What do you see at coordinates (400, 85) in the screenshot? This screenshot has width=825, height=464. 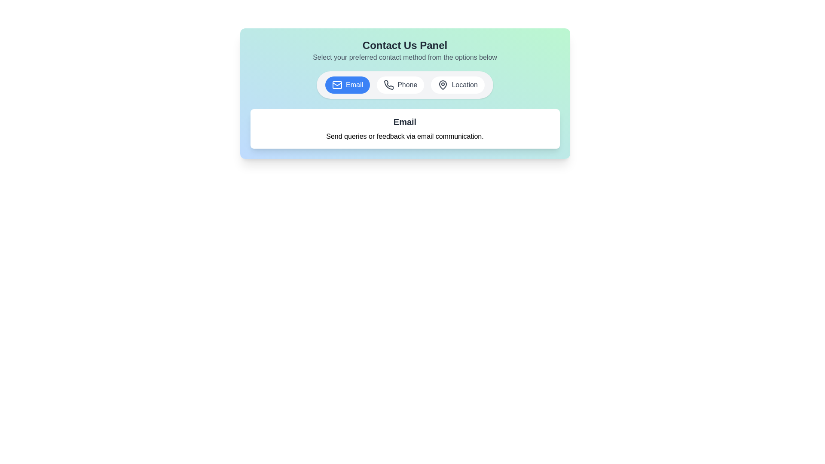 I see `the button for selecting the phone contact method, which is the second button from the left between 'Email' and 'Location'` at bounding box center [400, 85].